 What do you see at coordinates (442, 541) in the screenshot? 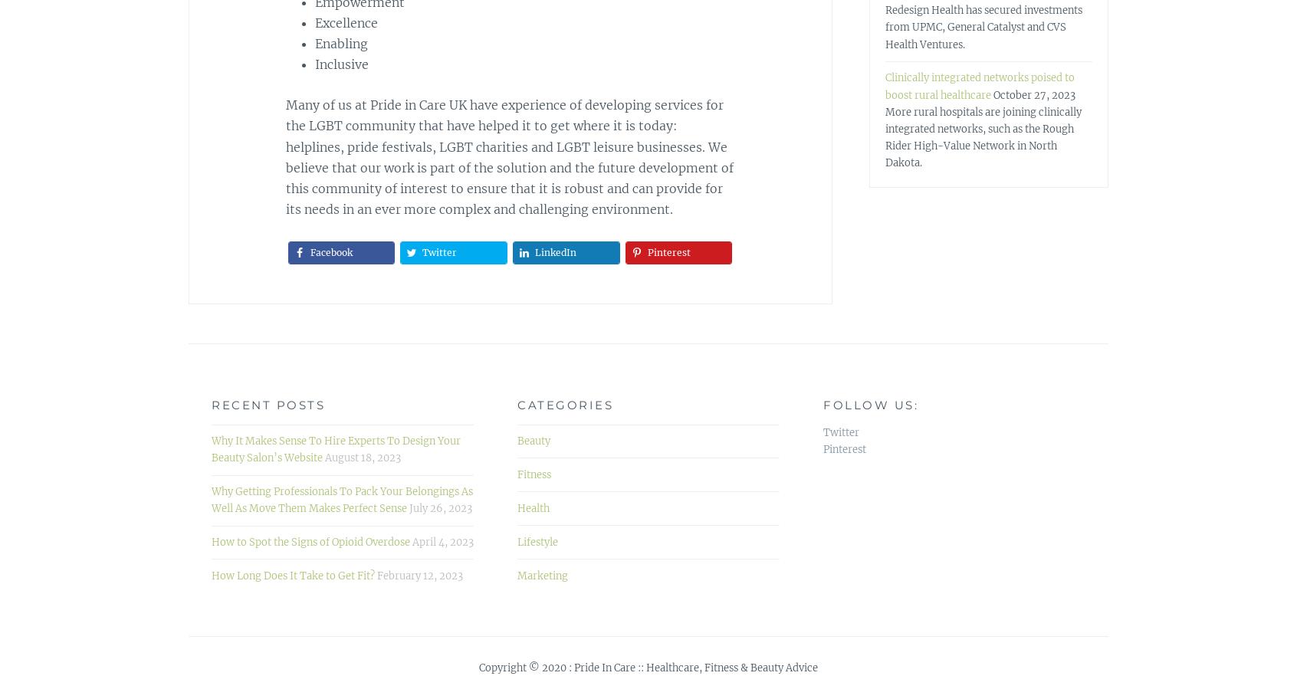
I see `'April 4, 2023'` at bounding box center [442, 541].